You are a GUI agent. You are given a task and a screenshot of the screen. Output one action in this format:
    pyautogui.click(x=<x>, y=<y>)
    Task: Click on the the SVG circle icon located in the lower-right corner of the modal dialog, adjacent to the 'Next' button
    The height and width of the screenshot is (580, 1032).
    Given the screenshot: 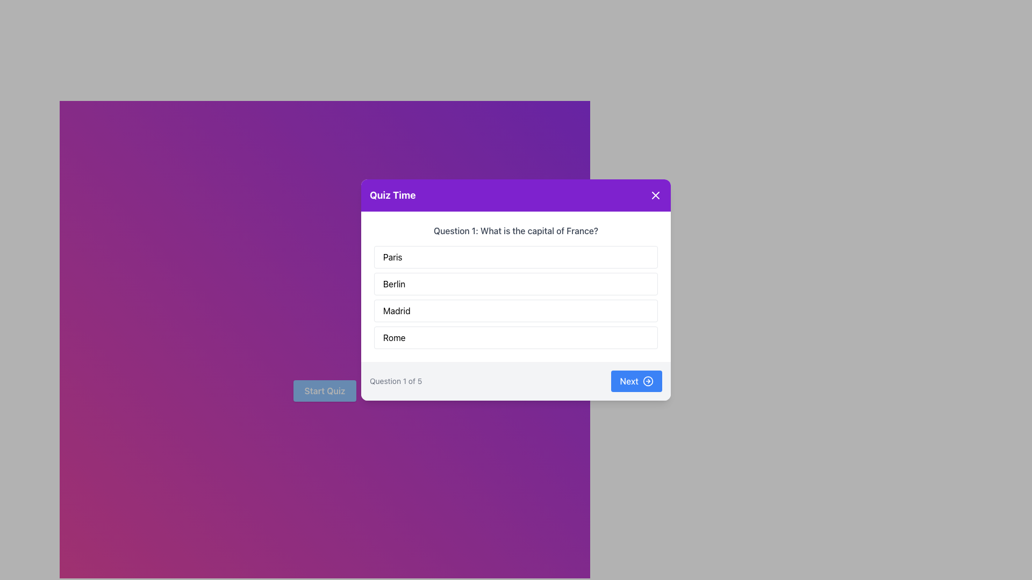 What is the action you would take?
    pyautogui.click(x=647, y=380)
    